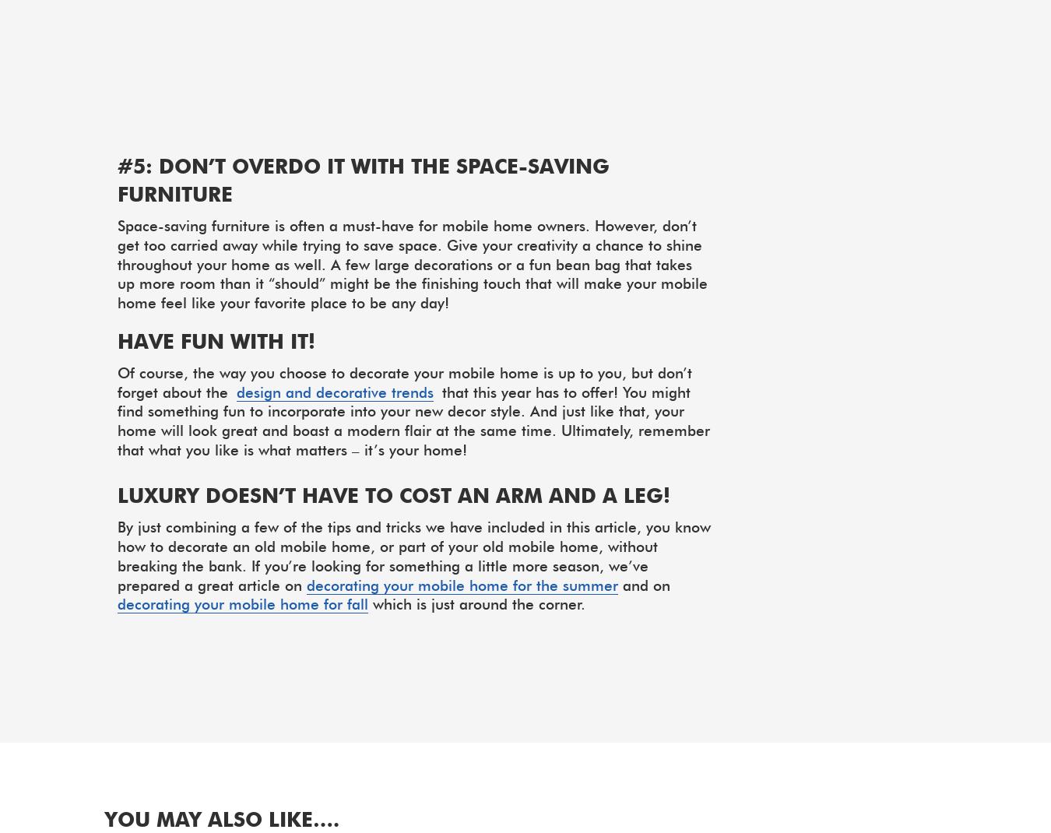 The image size is (1051, 833). What do you see at coordinates (404, 382) in the screenshot?
I see `'Of course, the way you choose to decorate your mobile home is up to you, but don’t forget about the'` at bounding box center [404, 382].